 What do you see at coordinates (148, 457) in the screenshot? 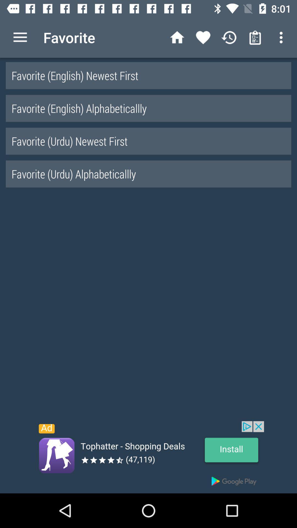
I see `tophatter shopping link` at bounding box center [148, 457].